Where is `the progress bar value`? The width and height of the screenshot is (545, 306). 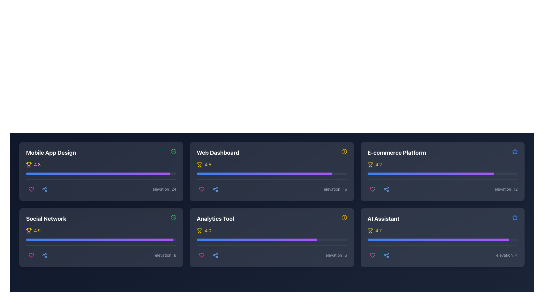 the progress bar value is located at coordinates (441, 173).